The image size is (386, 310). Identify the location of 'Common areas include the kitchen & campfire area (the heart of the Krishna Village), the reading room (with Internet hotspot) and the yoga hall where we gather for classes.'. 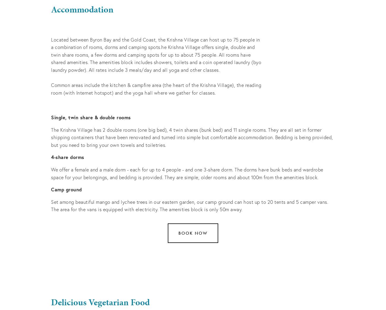
(157, 88).